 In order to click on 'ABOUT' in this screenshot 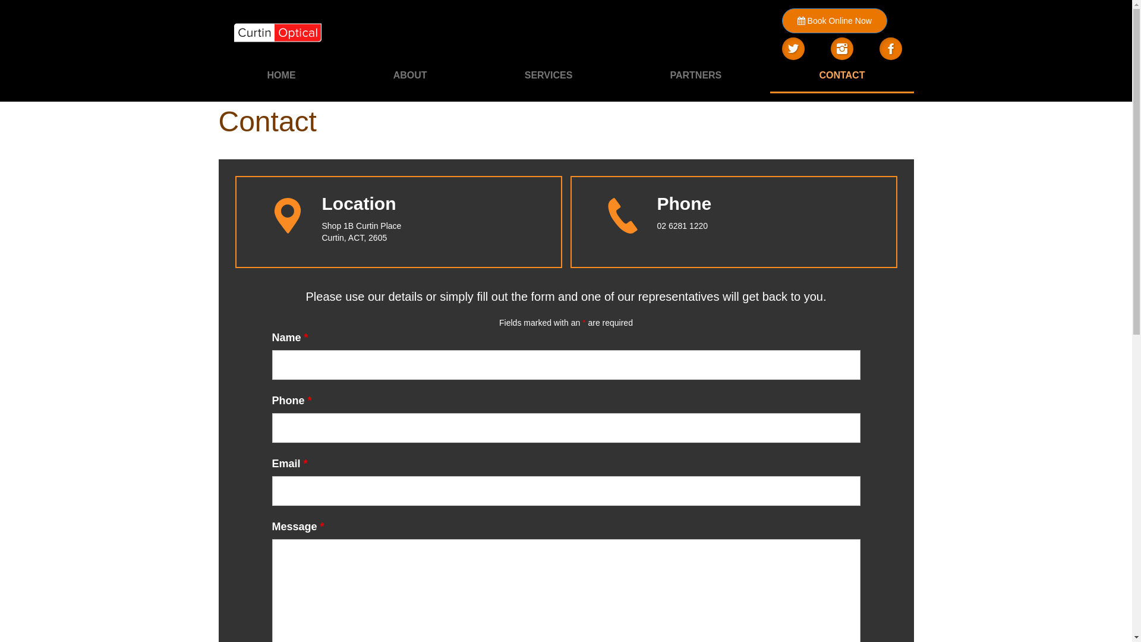, I will do `click(410, 75)`.